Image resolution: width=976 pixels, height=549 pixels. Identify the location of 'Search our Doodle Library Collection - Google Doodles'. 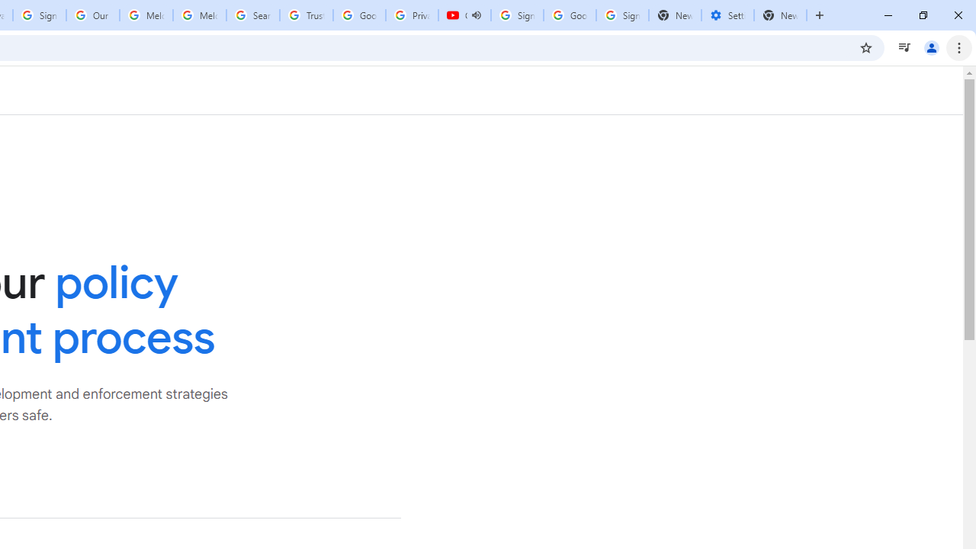
(253, 15).